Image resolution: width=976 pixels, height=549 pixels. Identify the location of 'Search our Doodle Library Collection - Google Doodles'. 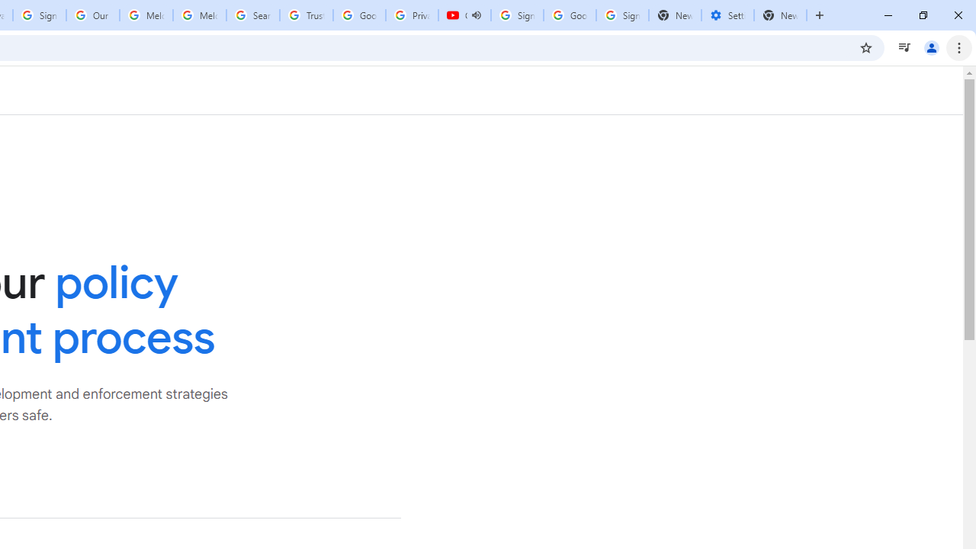
(253, 15).